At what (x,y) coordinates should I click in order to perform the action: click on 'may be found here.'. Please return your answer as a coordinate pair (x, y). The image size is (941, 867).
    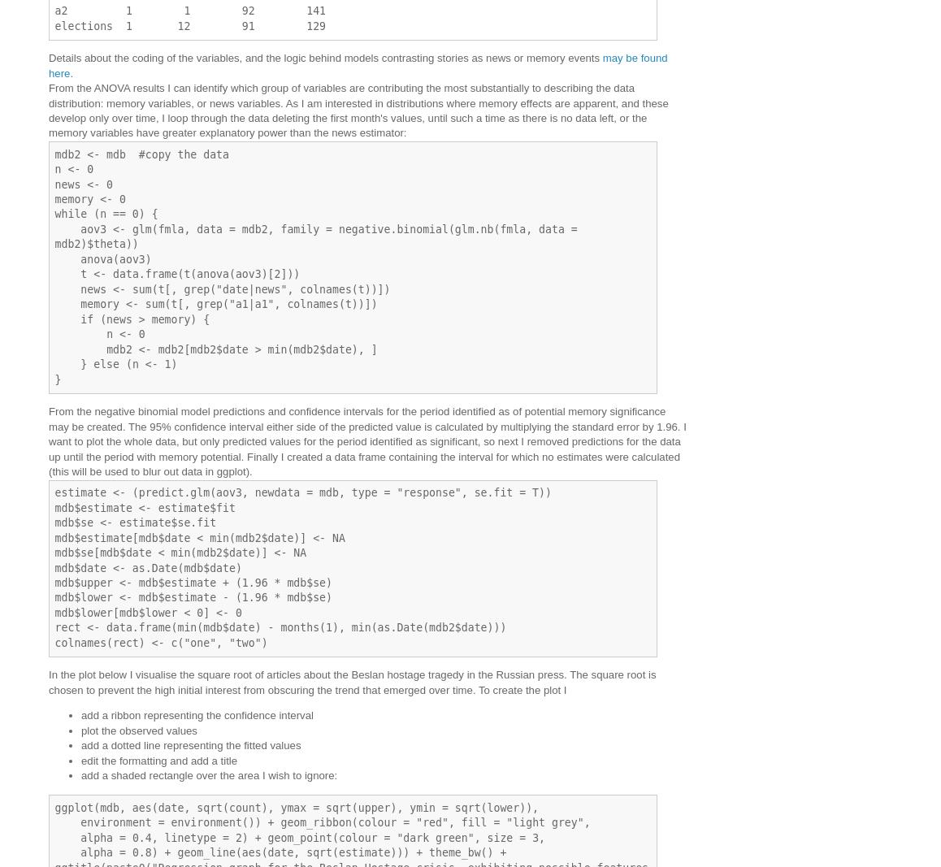
    Looking at the image, I should click on (358, 64).